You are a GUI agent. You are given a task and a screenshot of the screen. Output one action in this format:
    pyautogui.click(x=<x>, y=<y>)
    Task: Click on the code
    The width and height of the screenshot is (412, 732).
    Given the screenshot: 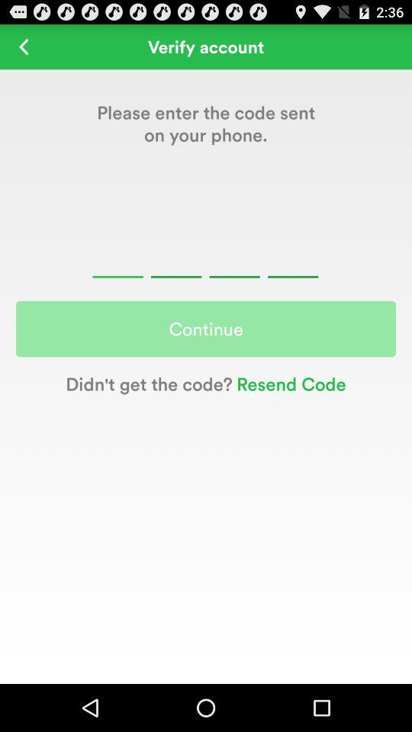 What is the action you would take?
    pyautogui.click(x=205, y=258)
    